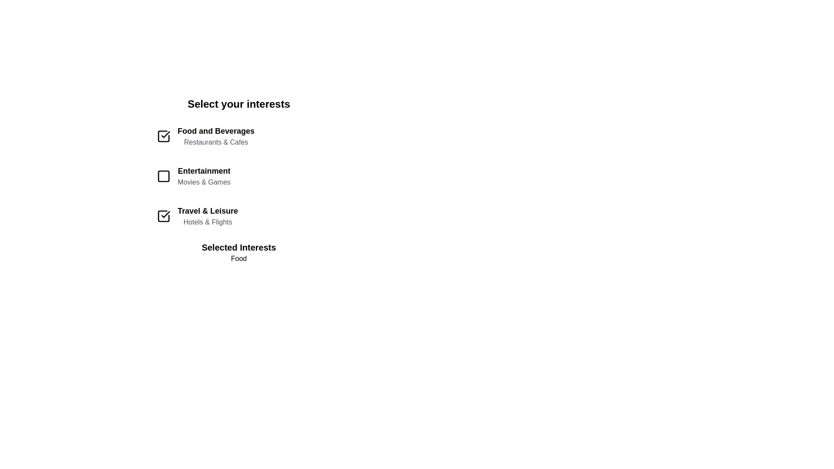  What do you see at coordinates (239, 215) in the screenshot?
I see `the item Travel` at bounding box center [239, 215].